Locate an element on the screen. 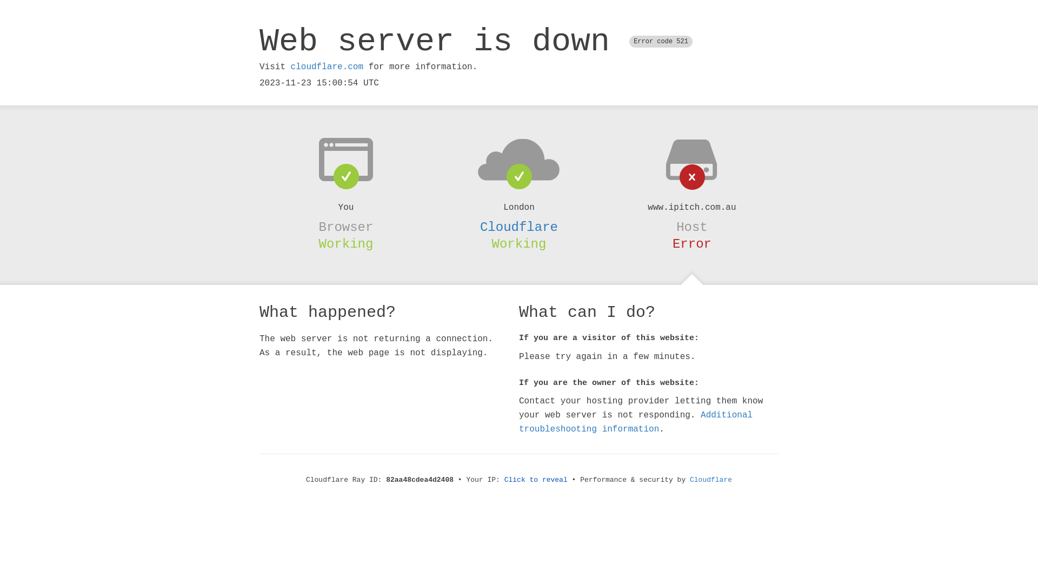 Image resolution: width=1038 pixels, height=584 pixels. 'Cloudflare' is located at coordinates (711, 479).